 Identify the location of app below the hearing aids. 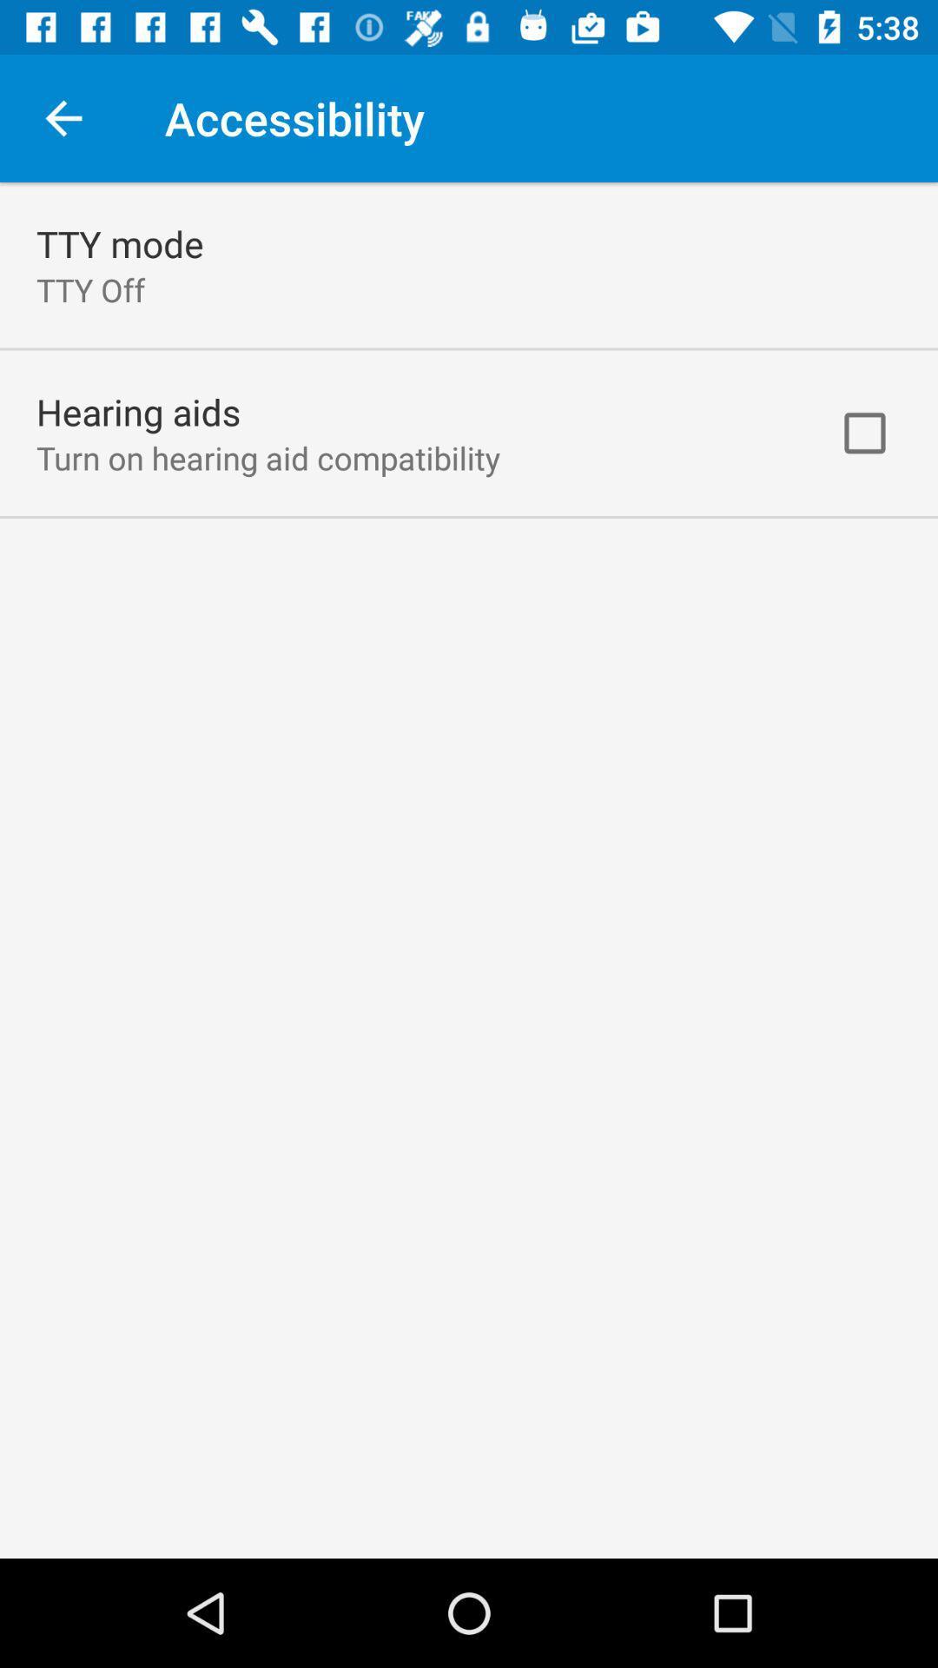
(268, 458).